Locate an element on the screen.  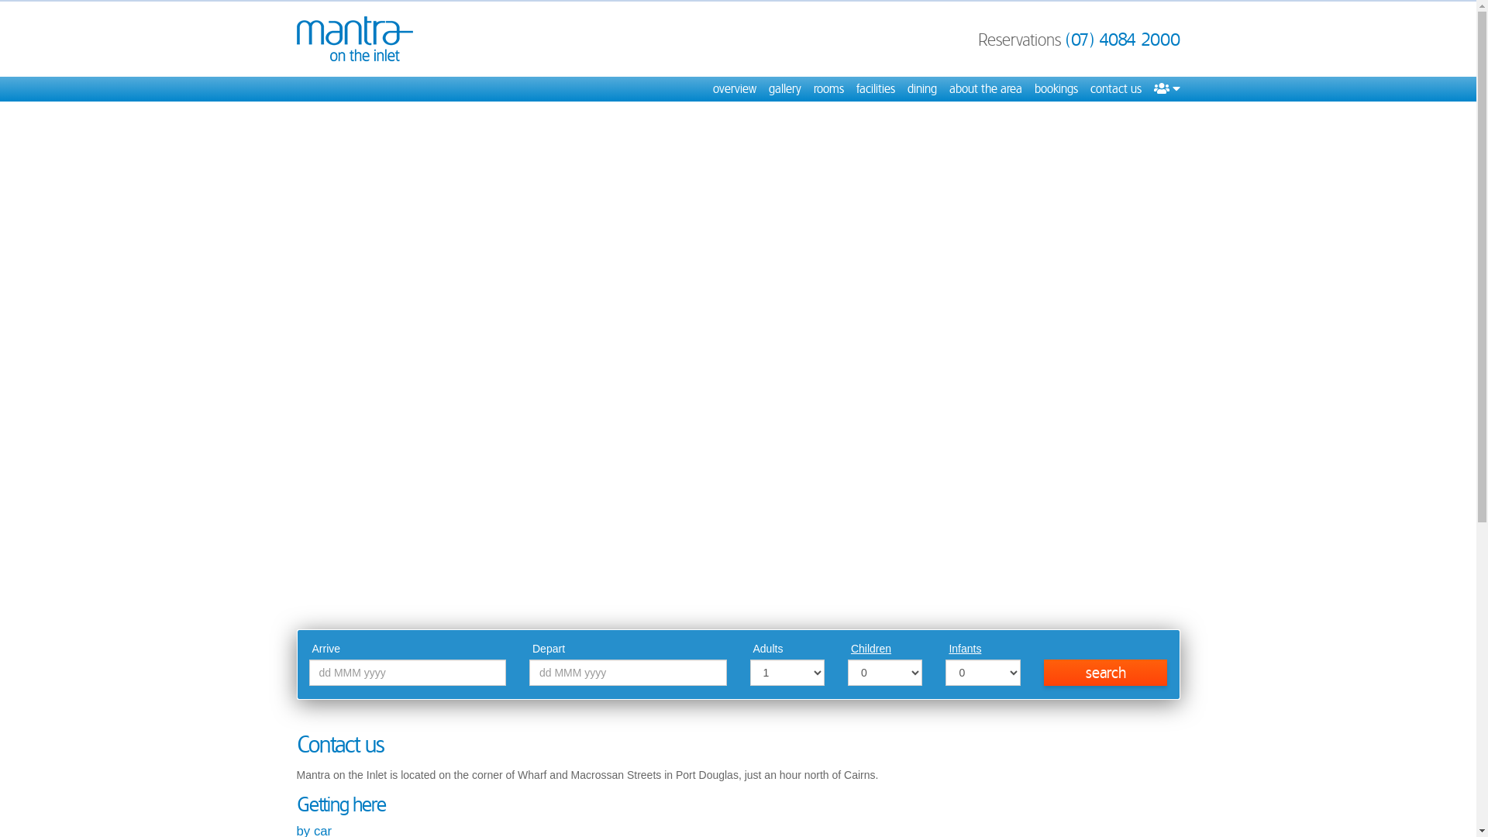
'gallery' is located at coordinates (784, 89).